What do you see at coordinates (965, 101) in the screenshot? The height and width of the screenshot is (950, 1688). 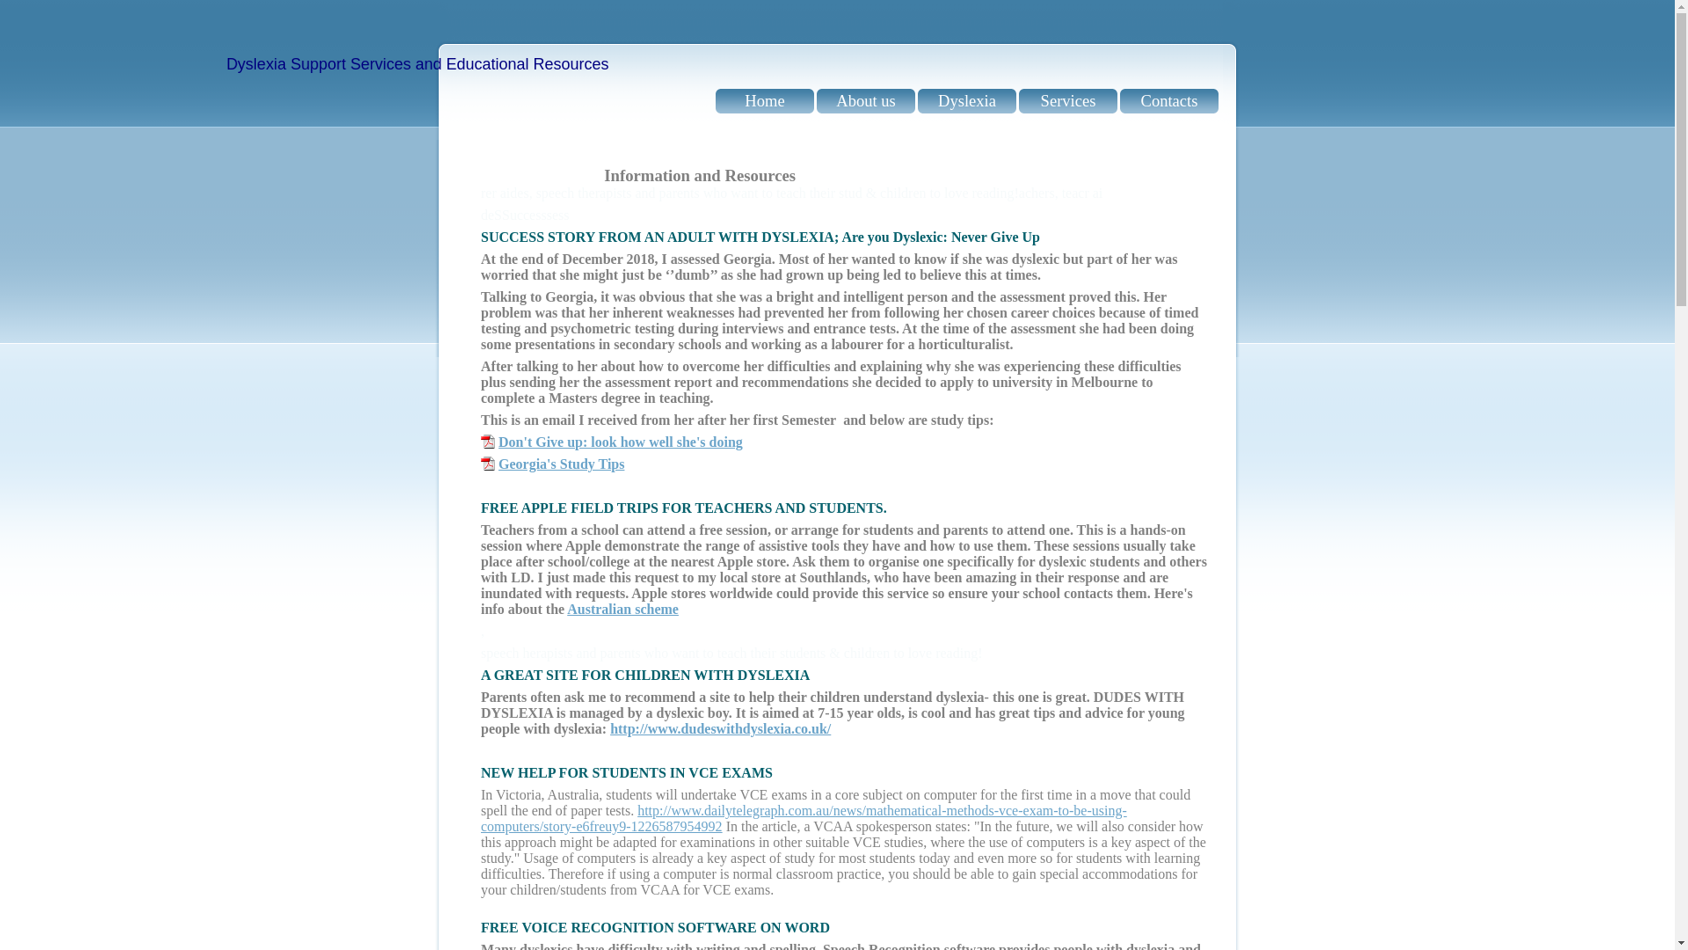 I see `'Dyslexia'` at bounding box center [965, 101].